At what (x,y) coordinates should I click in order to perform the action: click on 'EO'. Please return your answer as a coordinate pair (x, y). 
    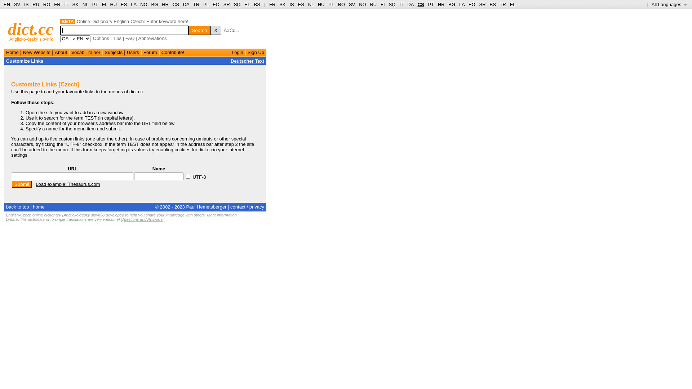
    Looking at the image, I should click on (216, 4).